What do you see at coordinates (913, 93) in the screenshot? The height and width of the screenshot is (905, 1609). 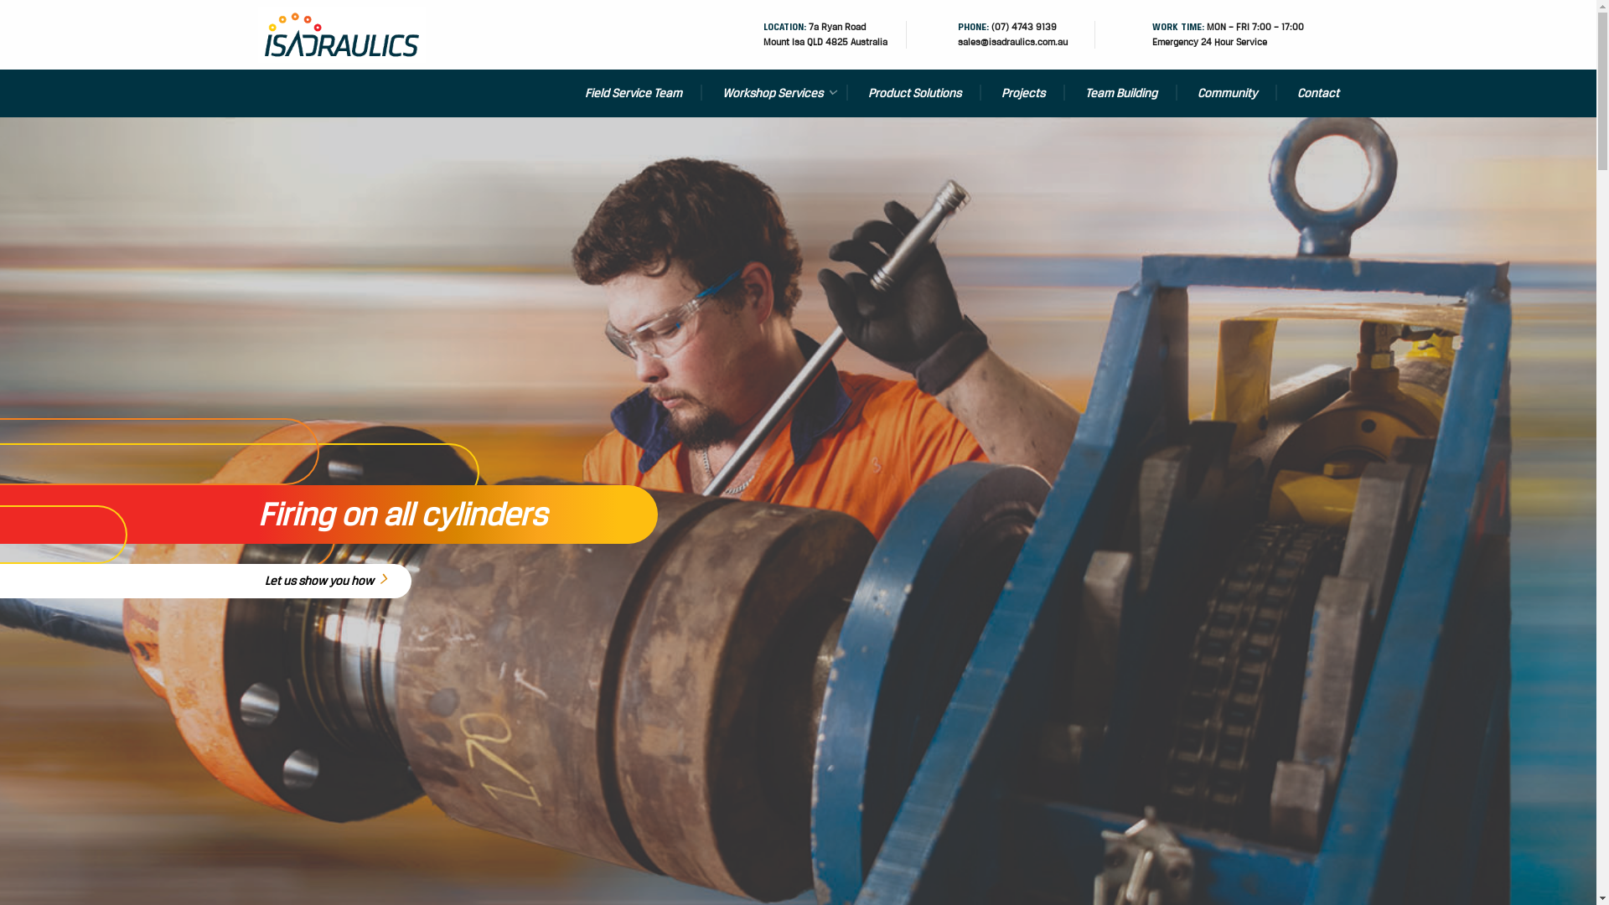 I see `'Product Solutions'` at bounding box center [913, 93].